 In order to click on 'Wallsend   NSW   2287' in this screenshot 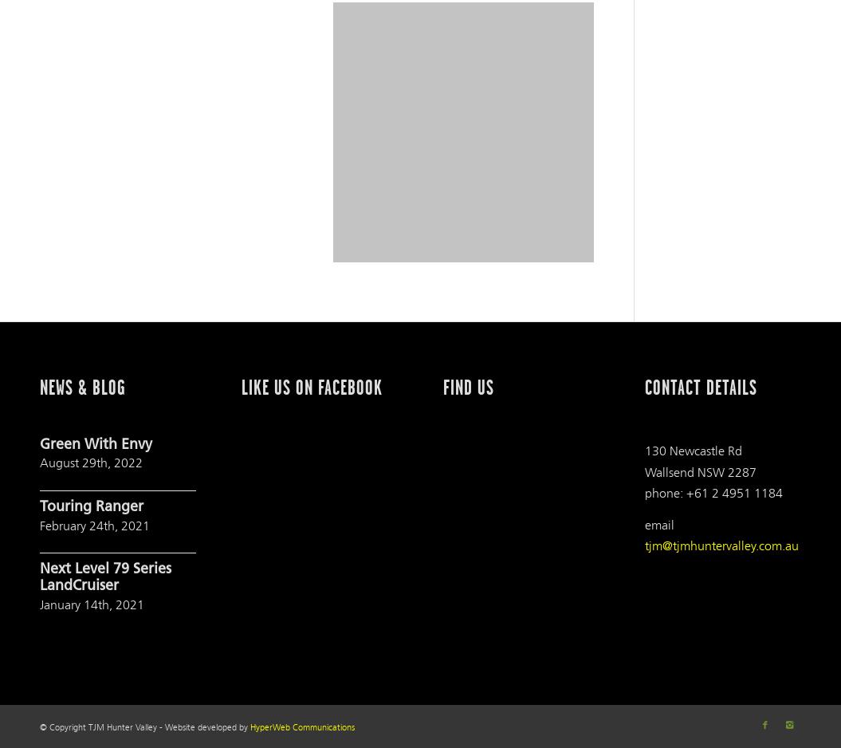, I will do `click(643, 470)`.